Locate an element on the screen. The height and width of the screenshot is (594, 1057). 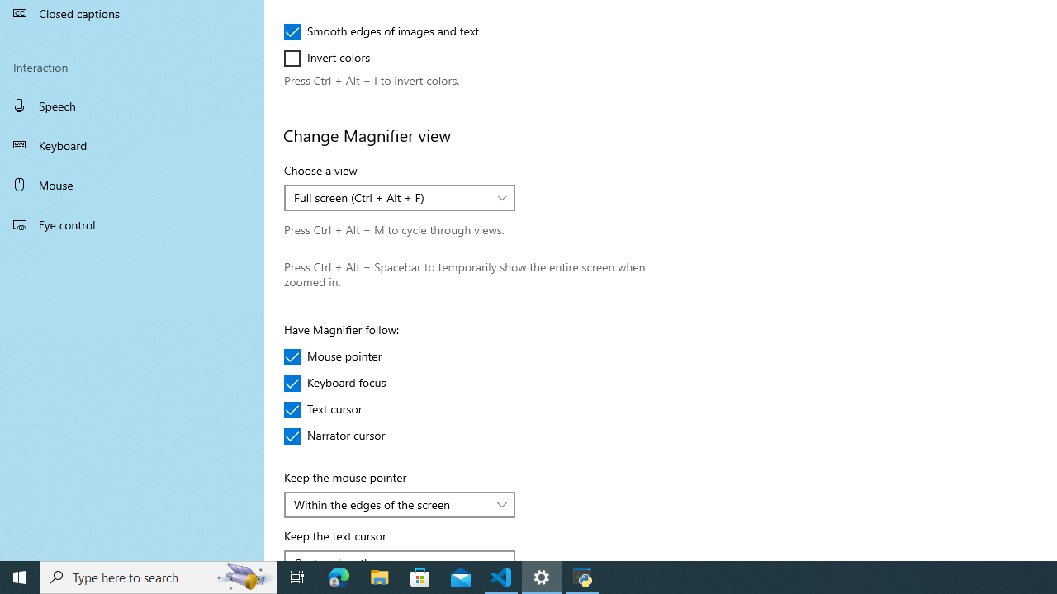
'Text cursor' is located at coordinates (332, 408).